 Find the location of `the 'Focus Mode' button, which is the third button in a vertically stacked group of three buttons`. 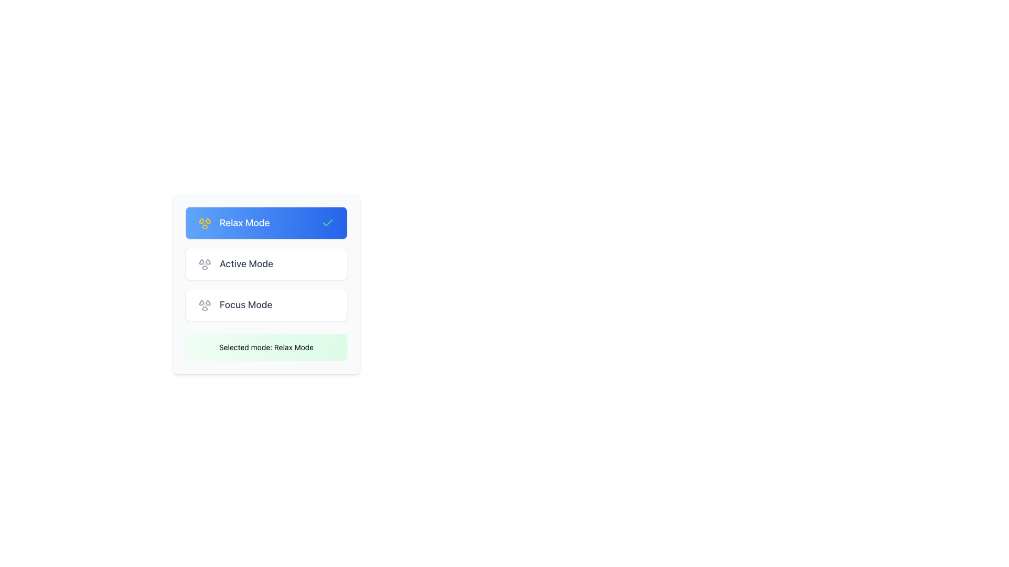

the 'Focus Mode' button, which is the third button in a vertically stacked group of three buttons is located at coordinates (266, 305).